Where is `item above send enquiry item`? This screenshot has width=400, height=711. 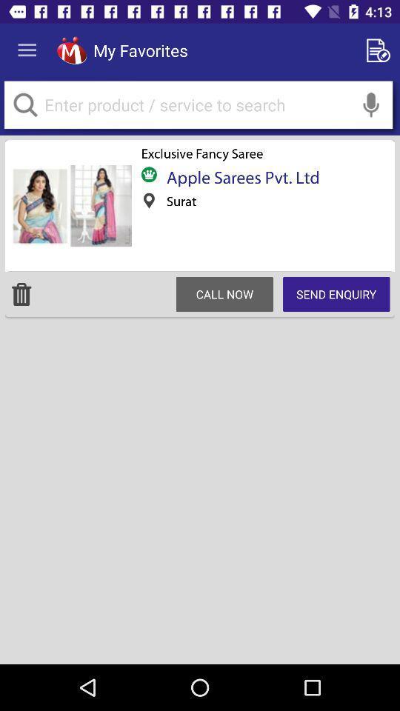
item above send enquiry item is located at coordinates (370, 104).